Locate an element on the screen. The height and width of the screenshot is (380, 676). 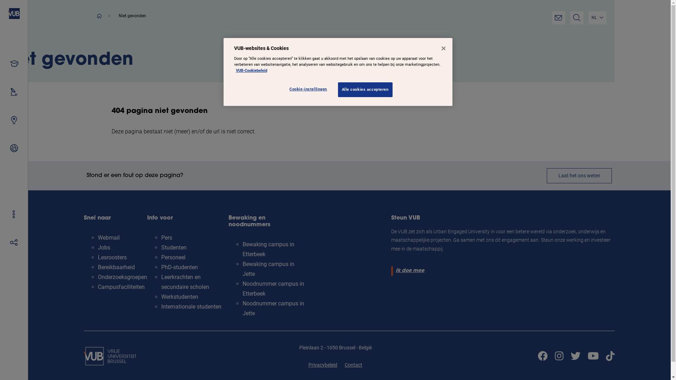
'Pers' is located at coordinates (166, 237).